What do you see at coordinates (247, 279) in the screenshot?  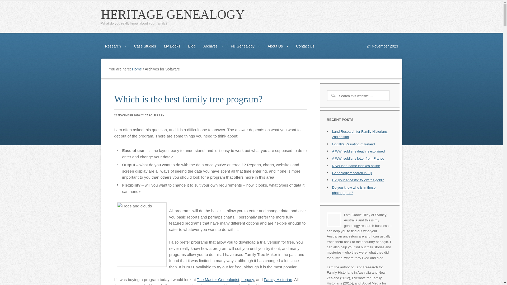 I see `'Legacy'` at bounding box center [247, 279].